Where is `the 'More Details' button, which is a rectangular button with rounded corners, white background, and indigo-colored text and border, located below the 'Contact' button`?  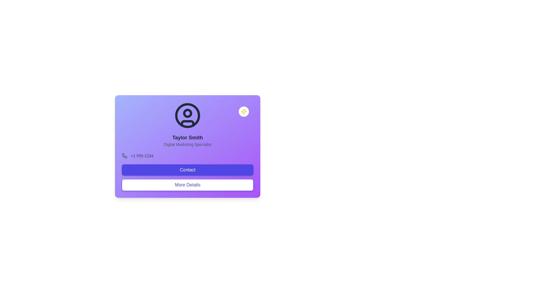
the 'More Details' button, which is a rectangular button with rounded corners, white background, and indigo-colored text and border, located below the 'Contact' button is located at coordinates (188, 185).